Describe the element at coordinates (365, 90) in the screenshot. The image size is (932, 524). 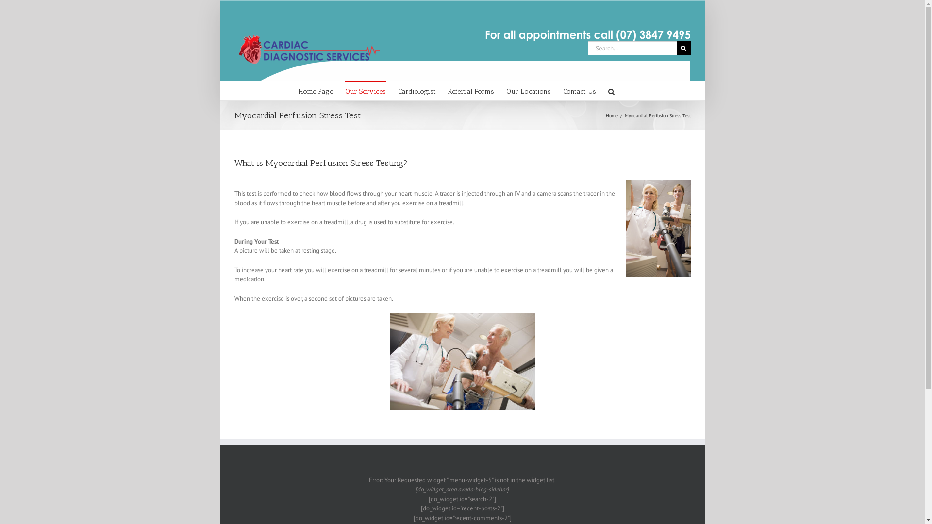
I see `'Our Services'` at that location.